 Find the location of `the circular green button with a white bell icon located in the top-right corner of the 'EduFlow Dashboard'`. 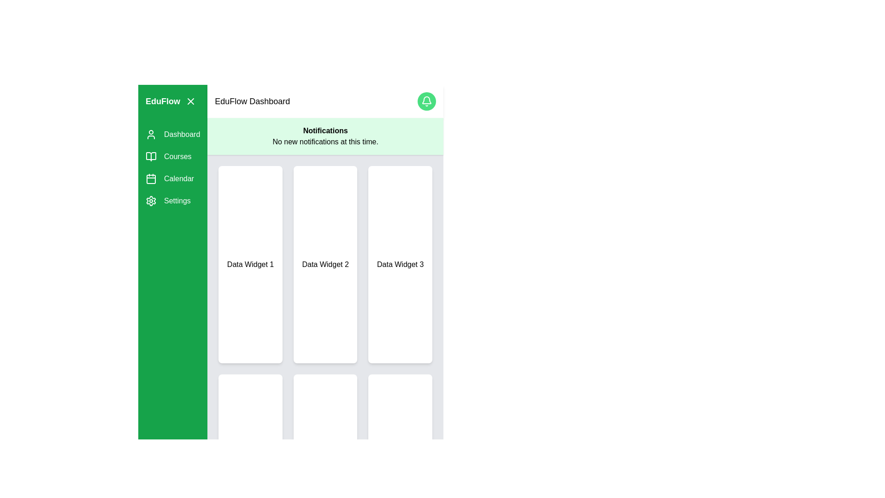

the circular green button with a white bell icon located in the top-right corner of the 'EduFlow Dashboard' is located at coordinates (426, 101).